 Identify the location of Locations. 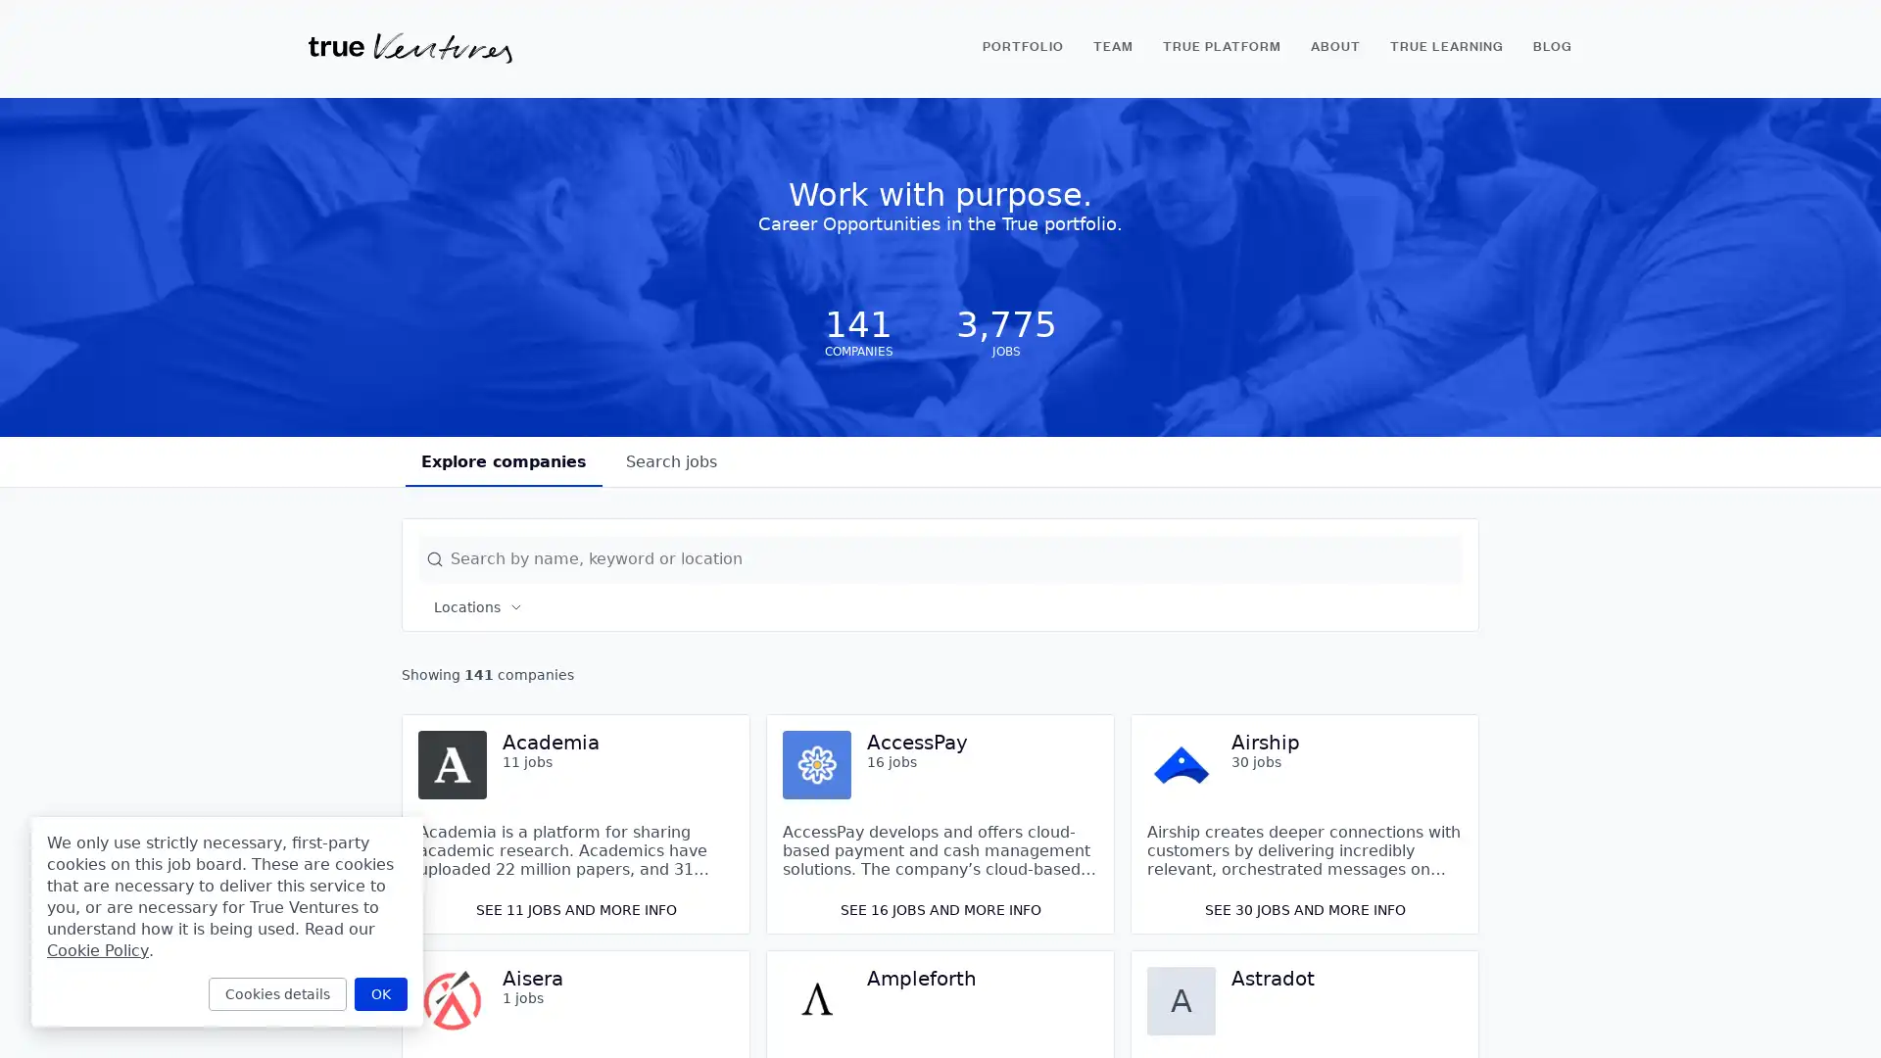
(479, 606).